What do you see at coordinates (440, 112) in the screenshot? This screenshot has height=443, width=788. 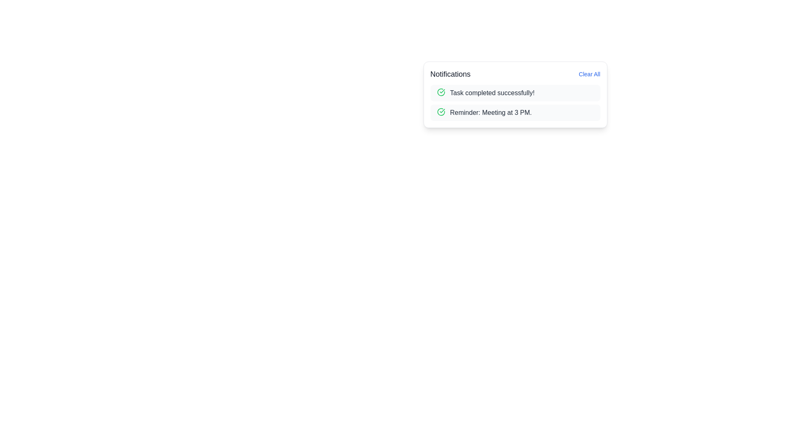 I see `the status icon located to the left of the text 'Reminder: Meeting at 3 PM.' in the notifications section, which signifies acknowledgment or completion` at bounding box center [440, 112].